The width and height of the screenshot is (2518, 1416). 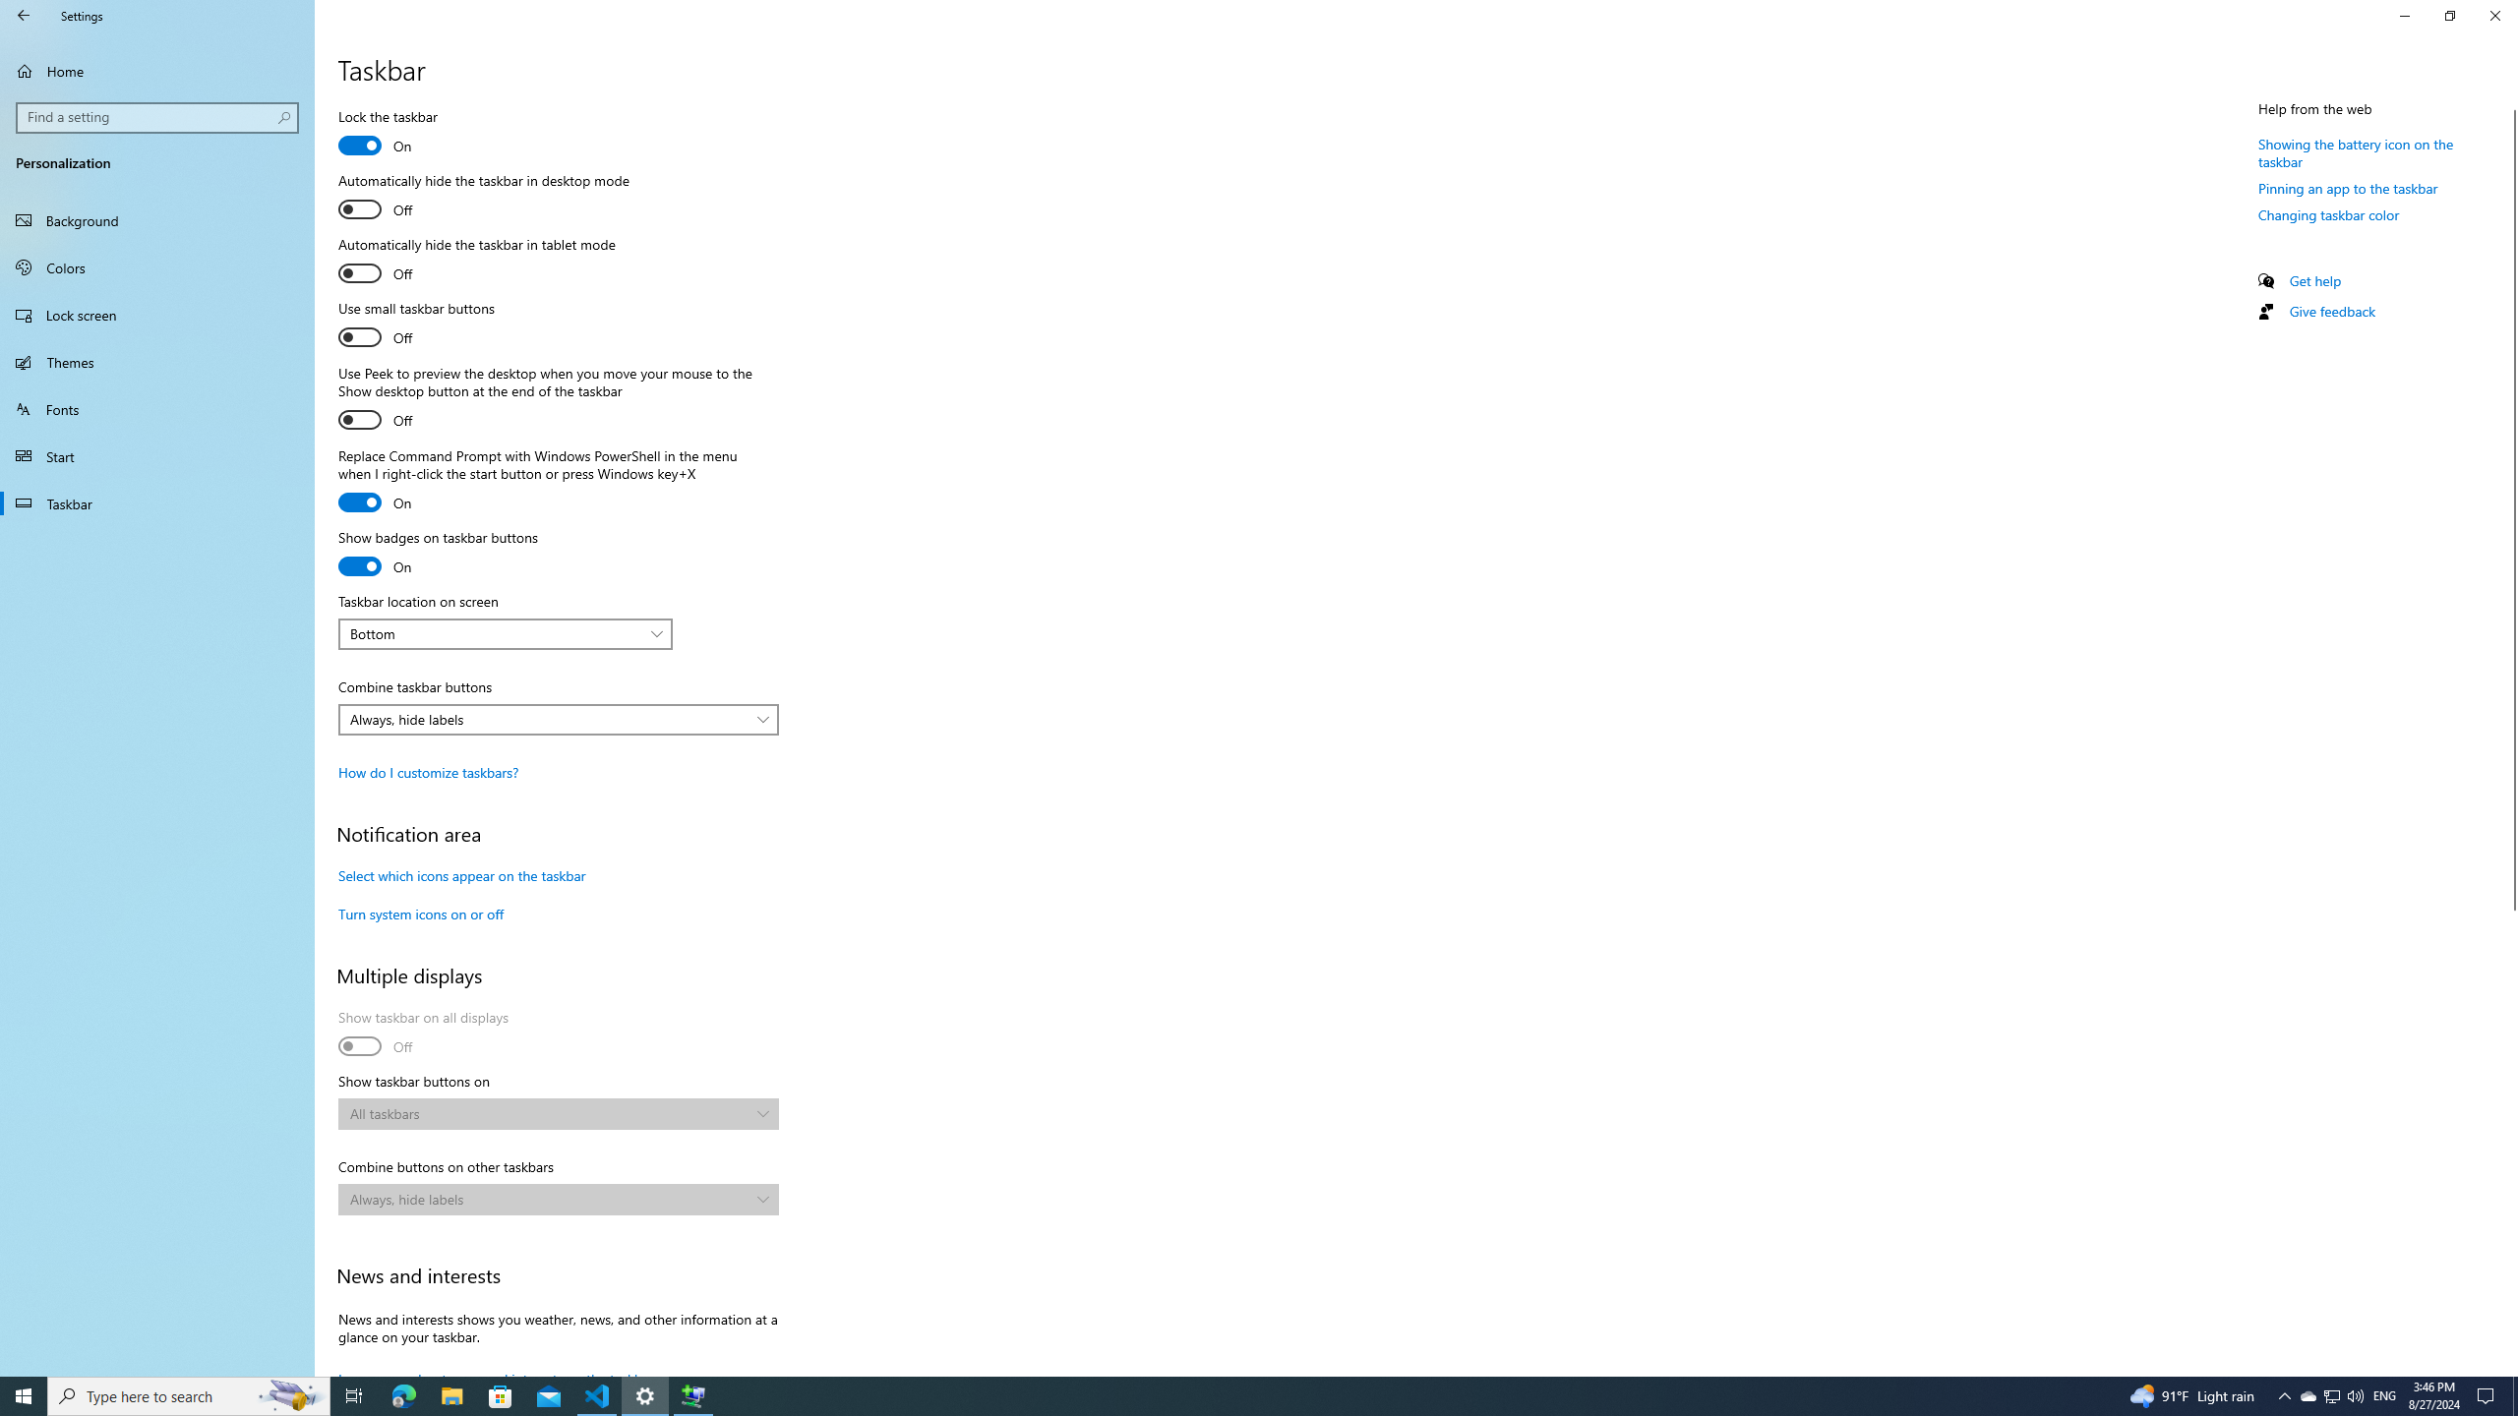 I want to click on 'Use small taskbar buttons', so click(x=414, y=324).